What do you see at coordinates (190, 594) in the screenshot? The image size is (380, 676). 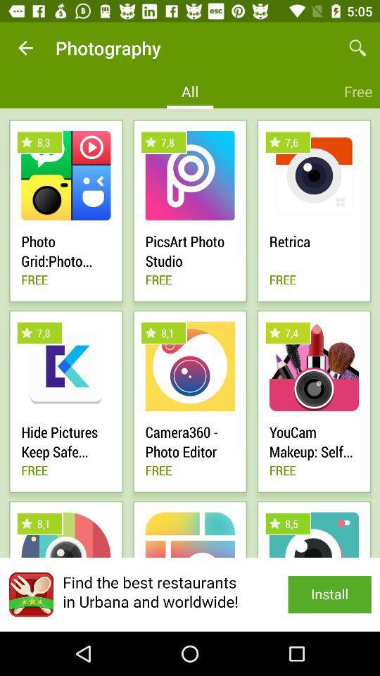 I see `advertisement` at bounding box center [190, 594].